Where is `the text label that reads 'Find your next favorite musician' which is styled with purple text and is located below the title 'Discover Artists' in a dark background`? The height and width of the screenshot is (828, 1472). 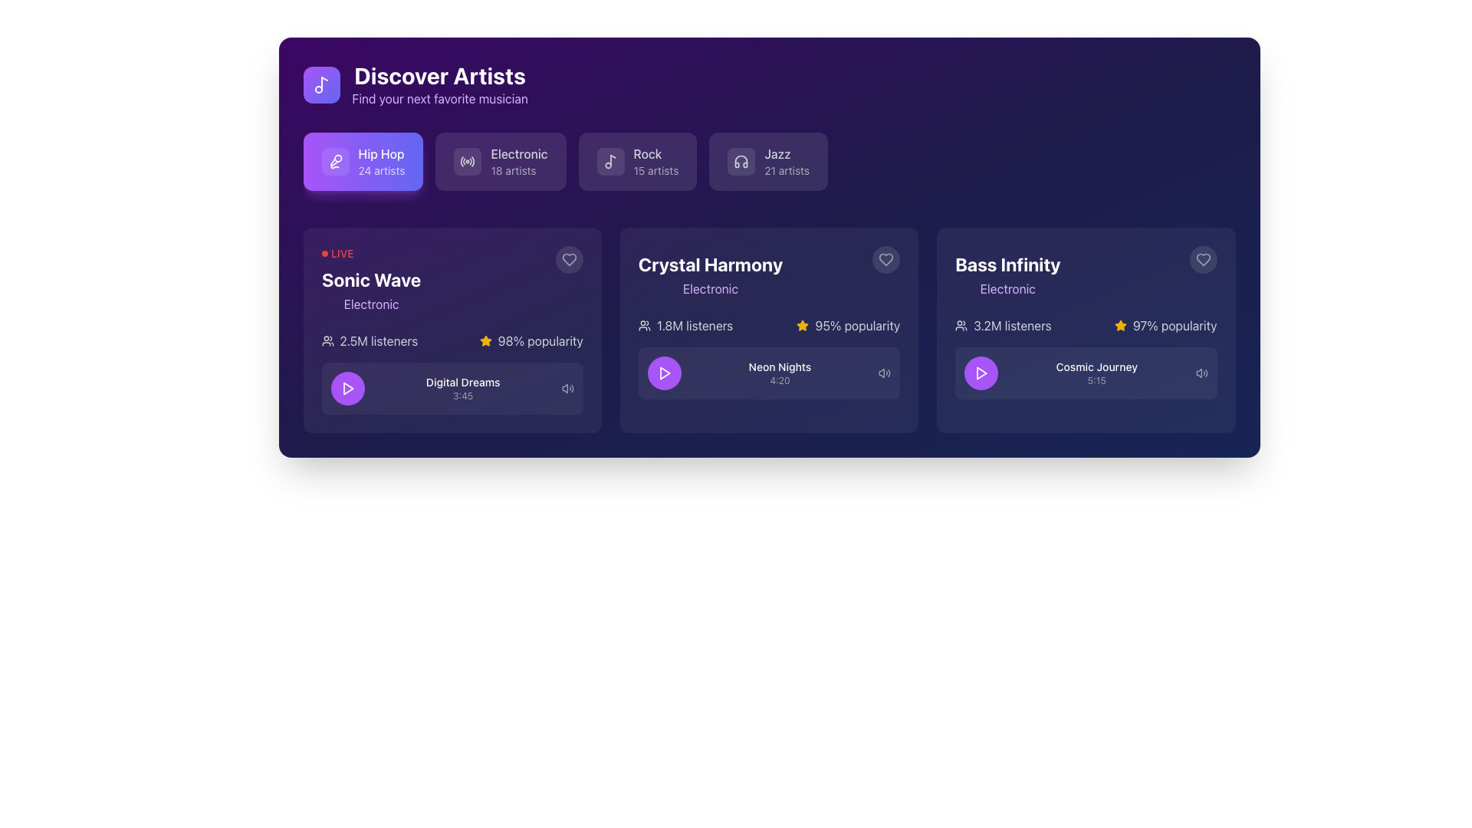
the text label that reads 'Find your next favorite musician' which is styled with purple text and is located below the title 'Discover Artists' in a dark background is located at coordinates (439, 98).